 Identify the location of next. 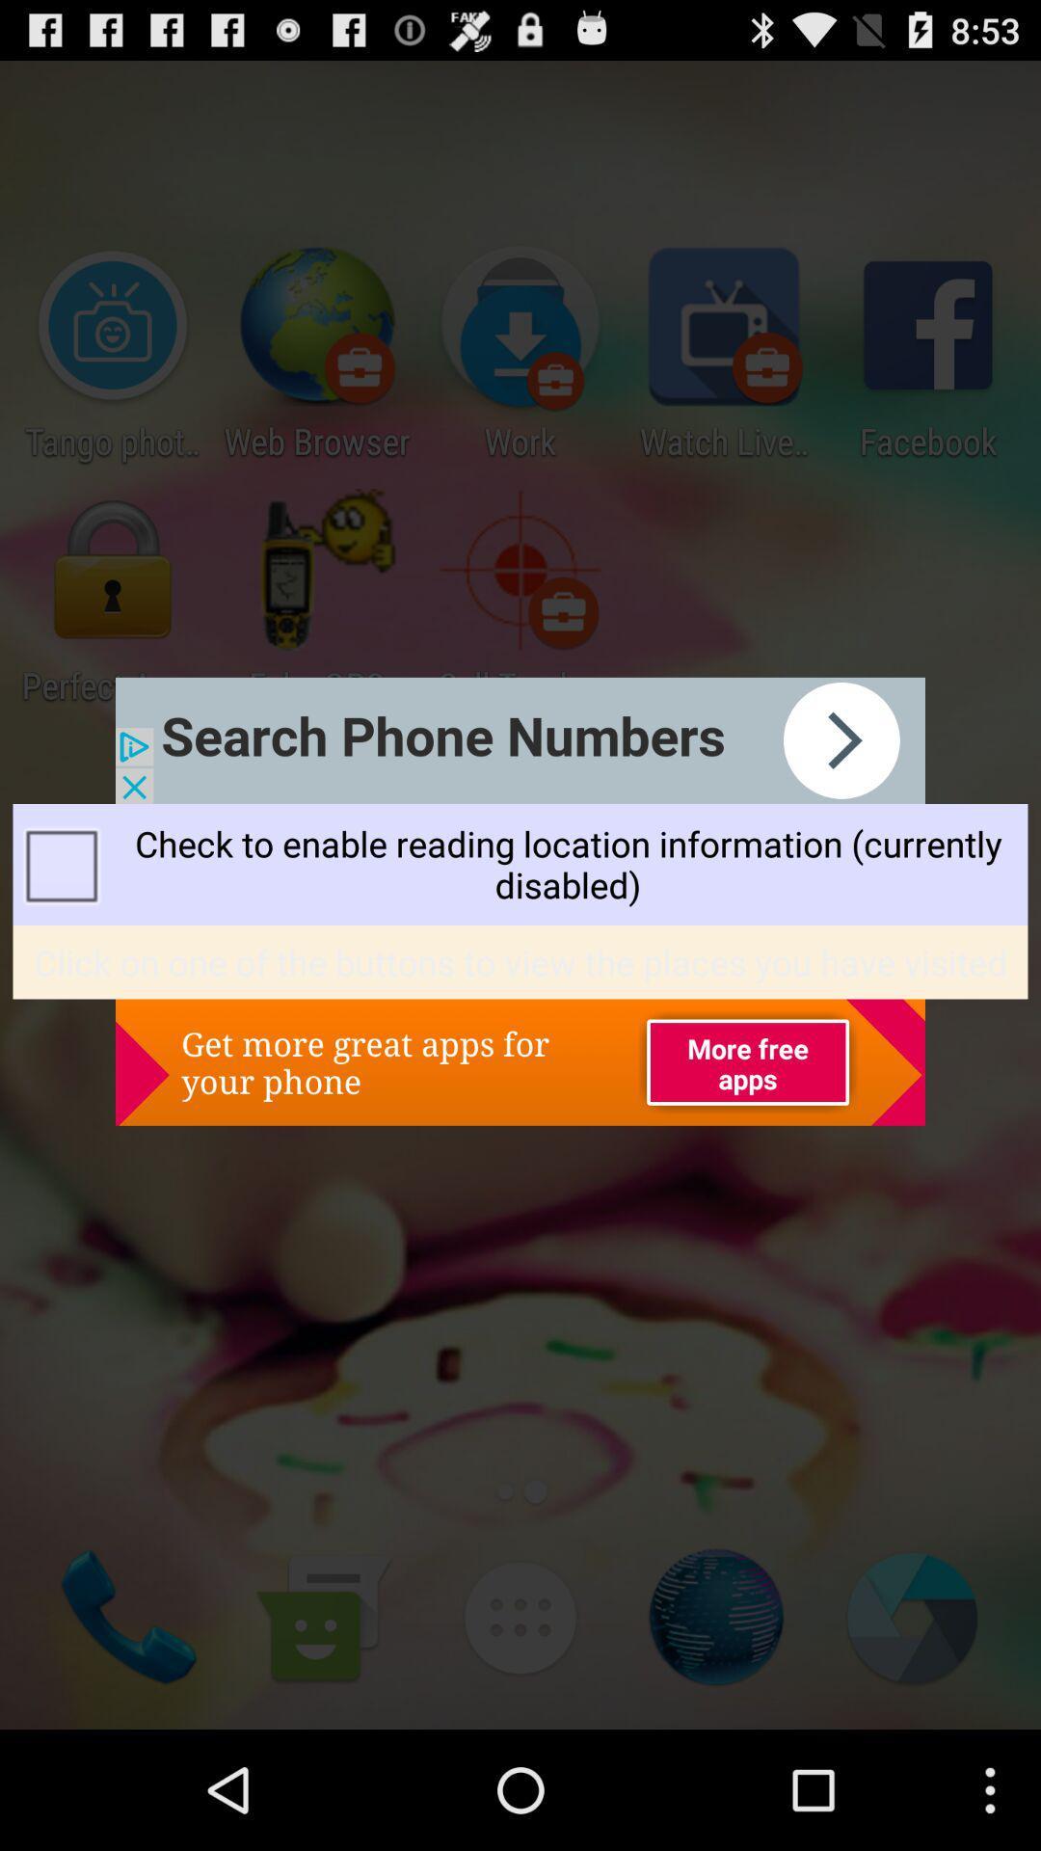
(520, 739).